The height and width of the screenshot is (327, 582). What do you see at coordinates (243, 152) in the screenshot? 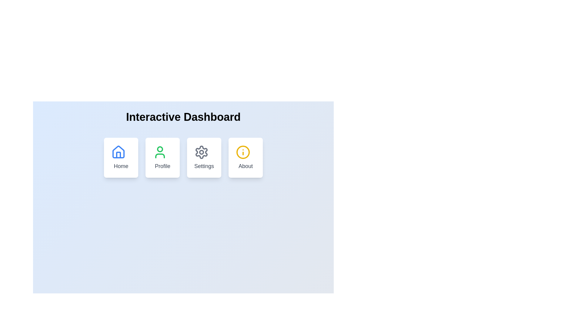
I see `the yellow circle with an exclamation mark inside, located in the 'About' card at the far right of the row of cards` at bounding box center [243, 152].